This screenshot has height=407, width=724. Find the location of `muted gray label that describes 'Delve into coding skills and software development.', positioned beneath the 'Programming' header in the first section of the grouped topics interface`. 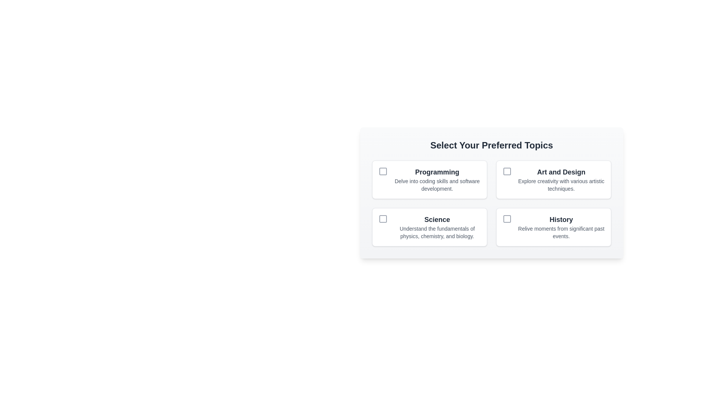

muted gray label that describes 'Delve into coding skills and software development.', positioned beneath the 'Programming' header in the first section of the grouped topics interface is located at coordinates (437, 185).